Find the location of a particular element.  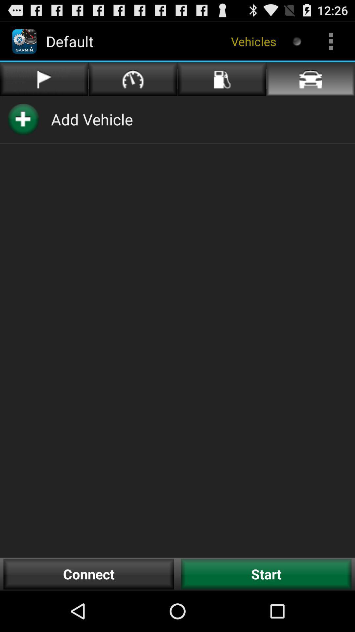

the button next to start is located at coordinates (89, 574).